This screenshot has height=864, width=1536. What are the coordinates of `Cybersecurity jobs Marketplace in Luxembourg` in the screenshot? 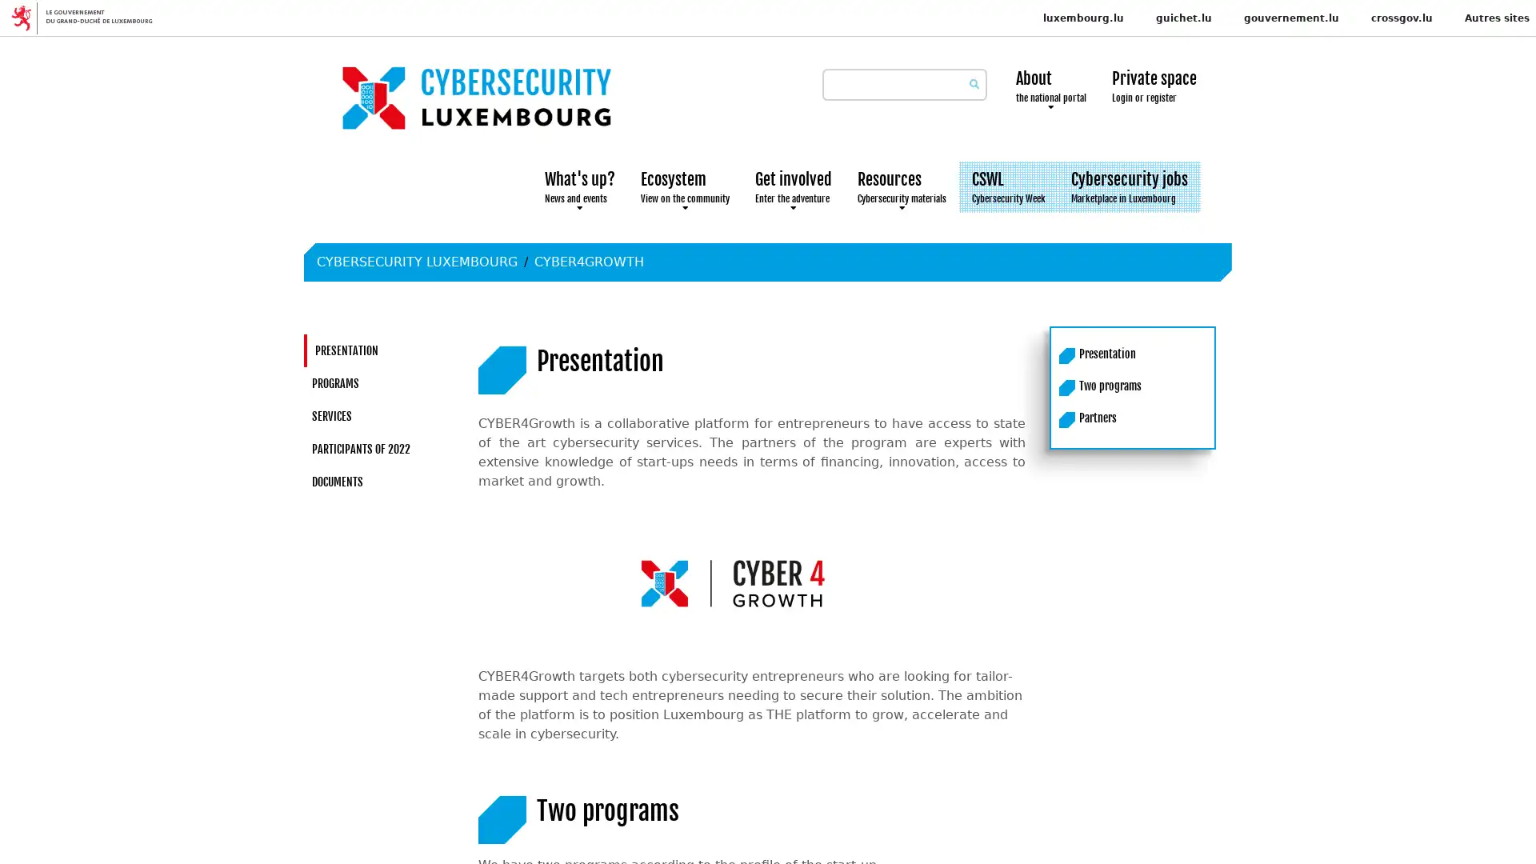 It's located at (1128, 186).